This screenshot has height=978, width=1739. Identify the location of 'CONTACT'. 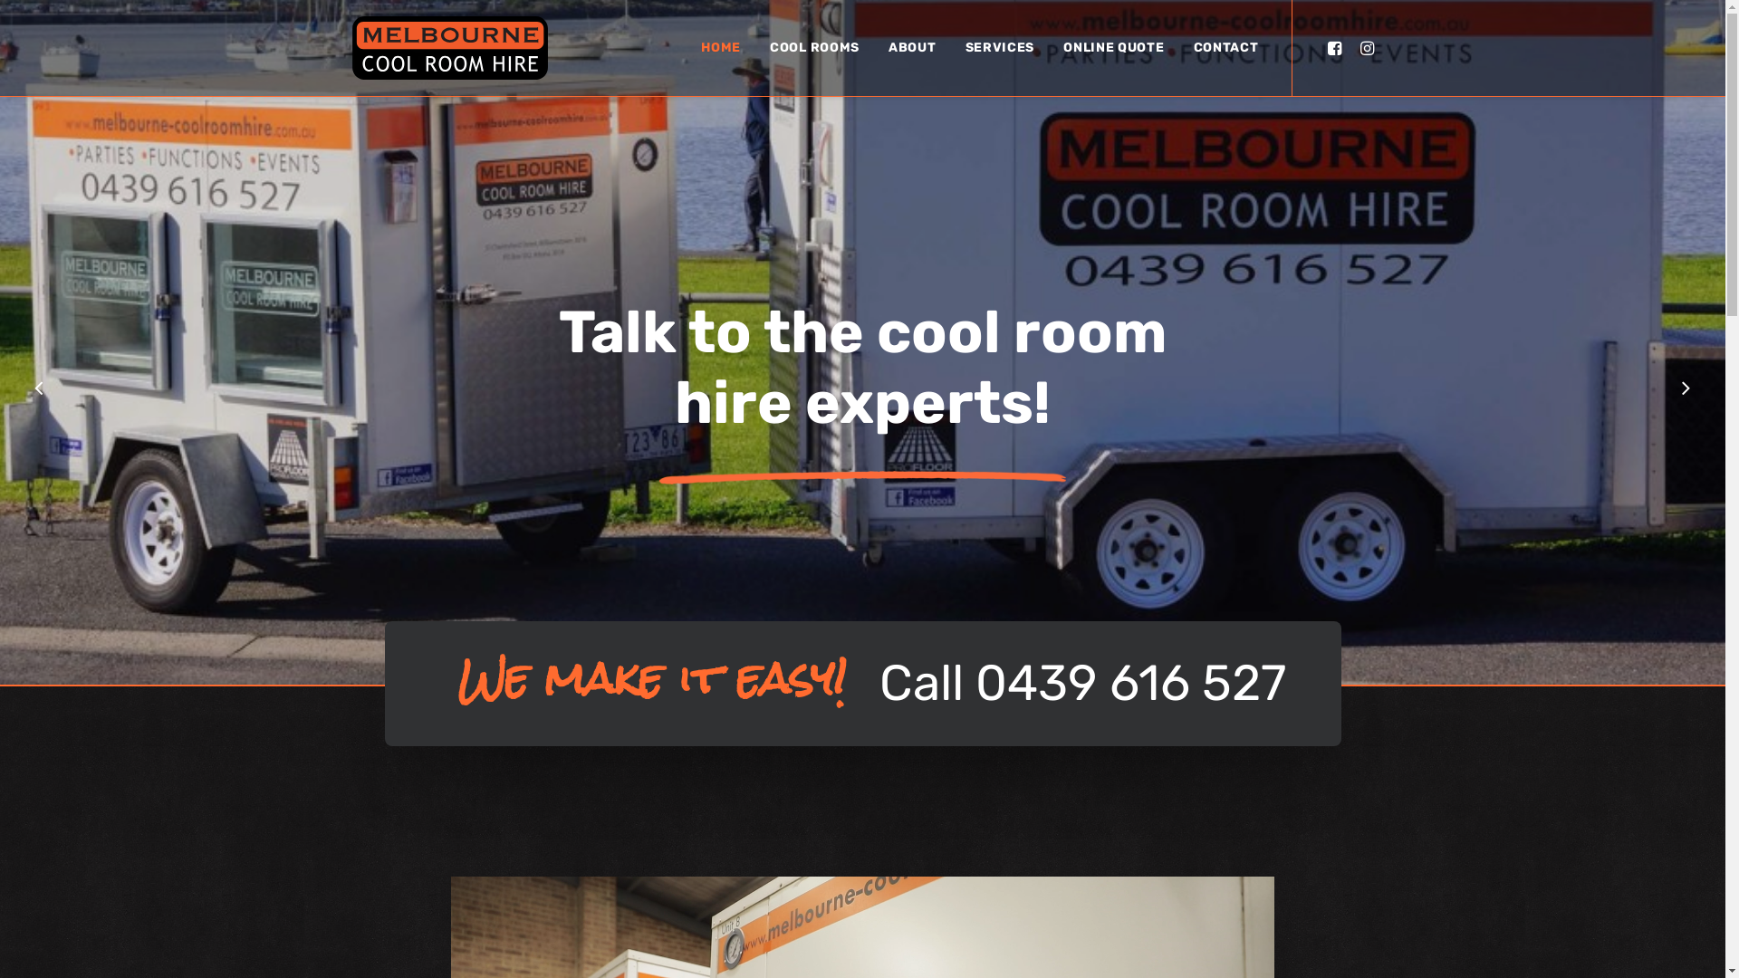
(1220, 47).